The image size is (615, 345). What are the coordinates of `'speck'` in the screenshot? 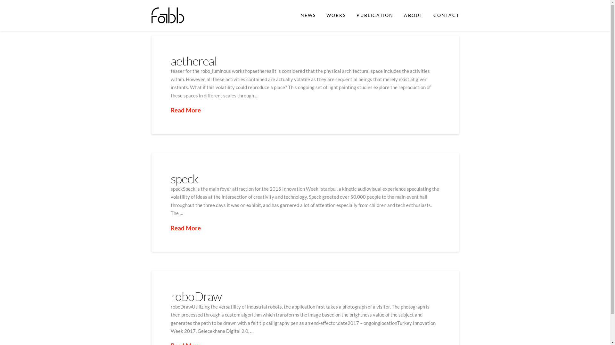 It's located at (184, 179).